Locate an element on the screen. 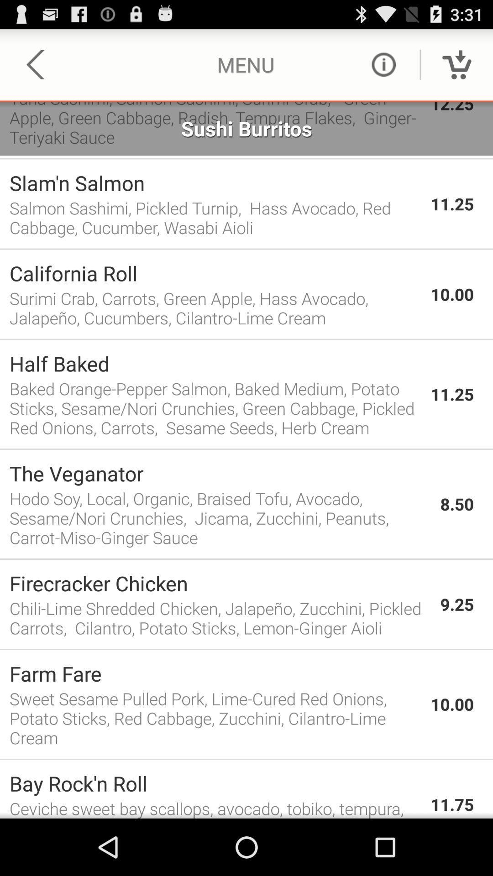 This screenshot has height=876, width=493. item below the the veganator item is located at coordinates (220, 518).